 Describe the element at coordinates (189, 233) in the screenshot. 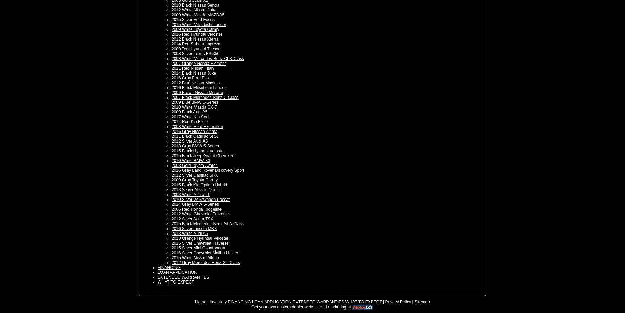

I see `'2013 White Audi A5'` at that location.